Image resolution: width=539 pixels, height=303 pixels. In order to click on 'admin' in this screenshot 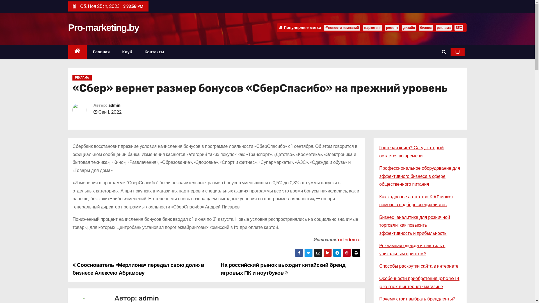, I will do `click(114, 105)`.